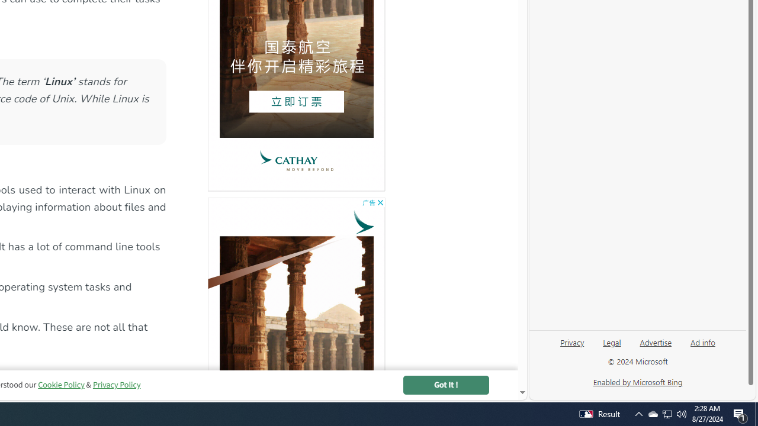  I want to click on 'Legal', so click(612, 341).